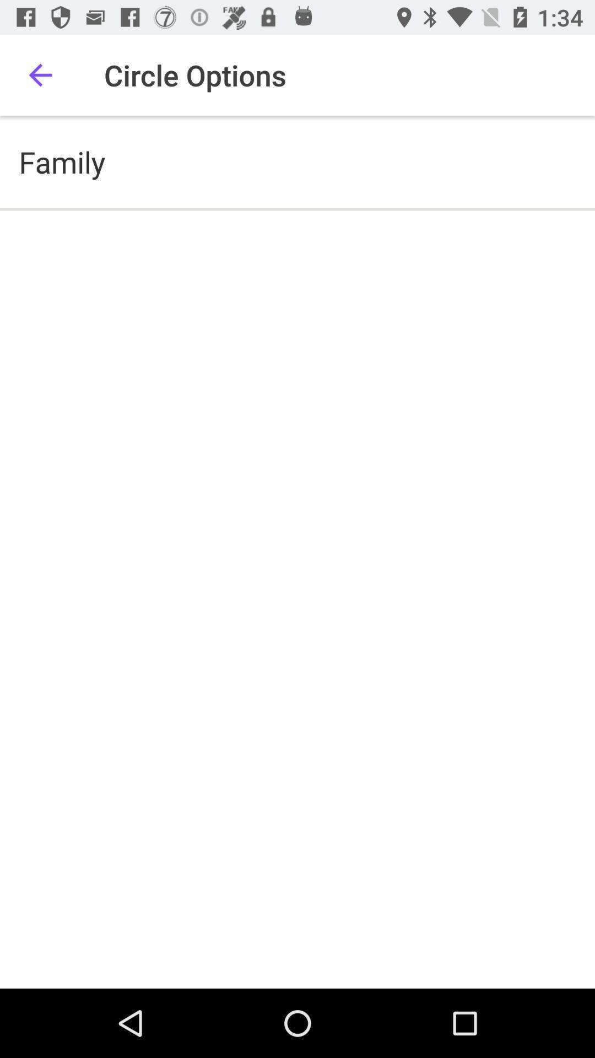 The height and width of the screenshot is (1058, 595). What do you see at coordinates (40, 74) in the screenshot?
I see `item above the family` at bounding box center [40, 74].